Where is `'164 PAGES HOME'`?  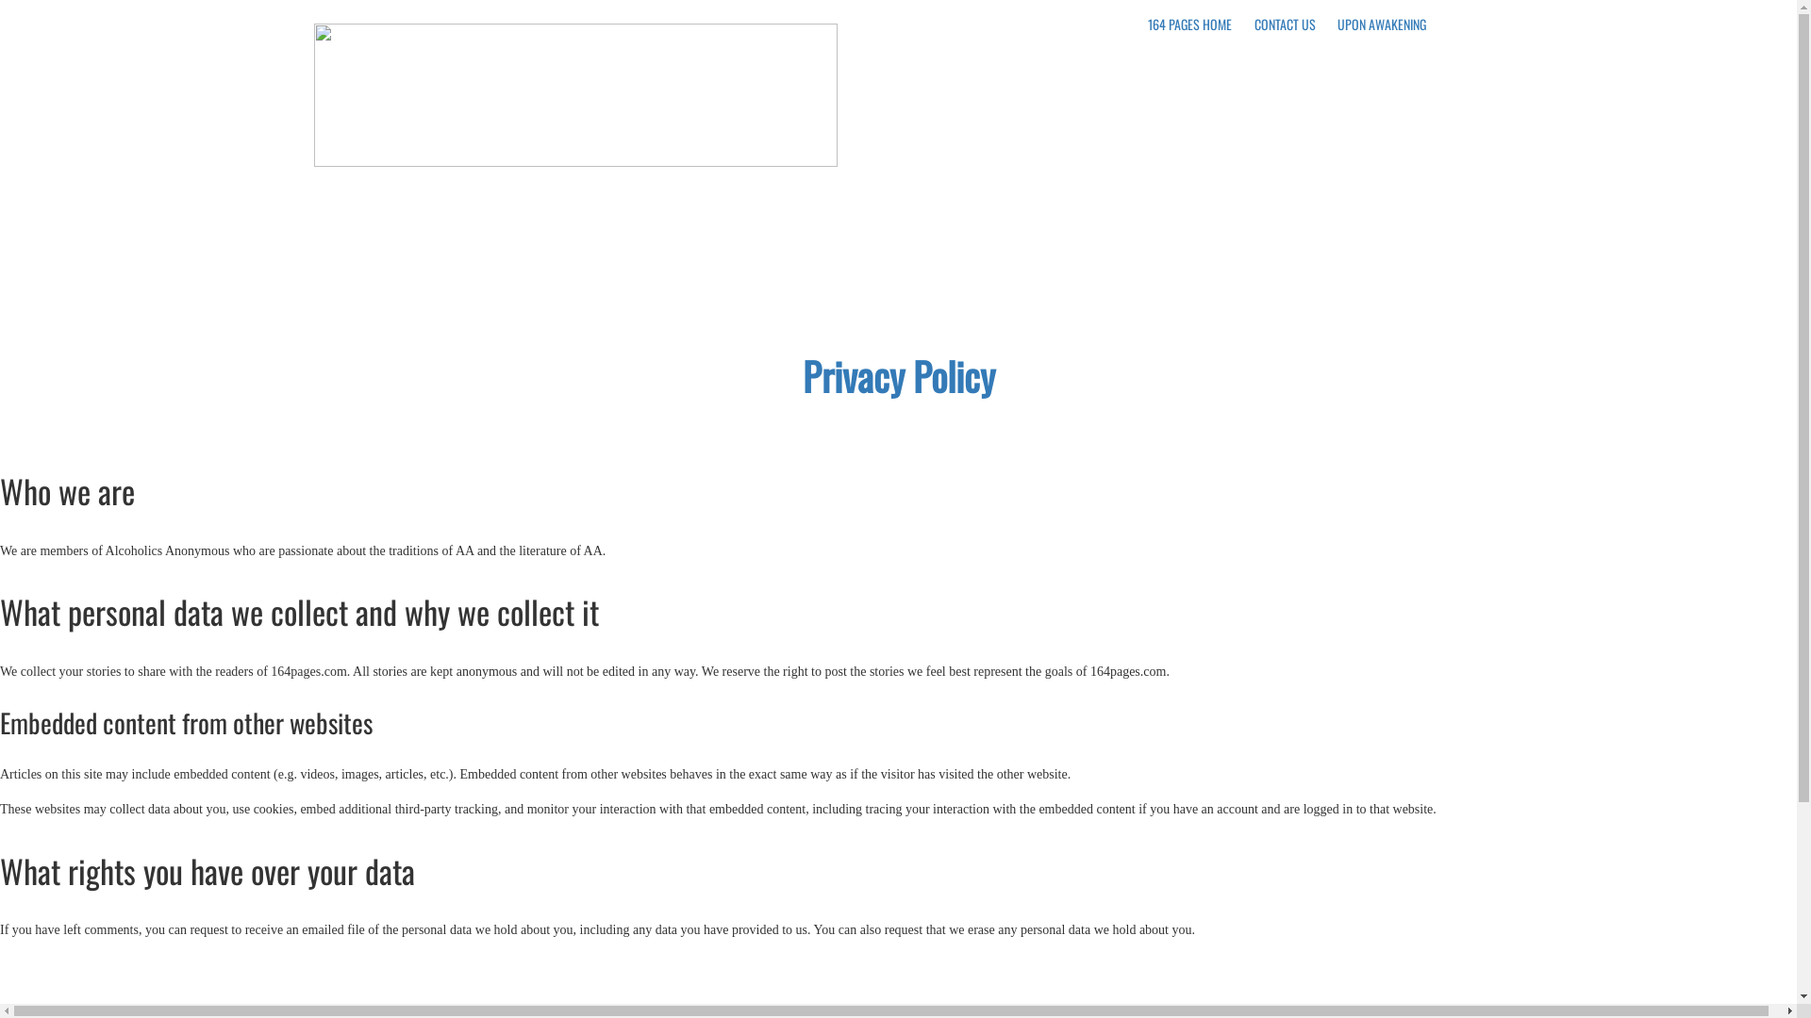
'164 PAGES HOME' is located at coordinates (1188, 24).